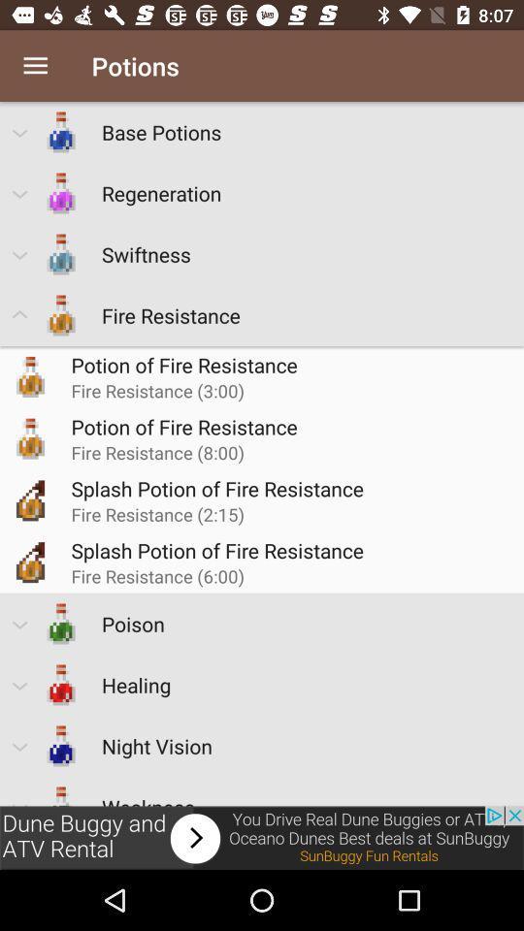 The width and height of the screenshot is (524, 931). What do you see at coordinates (262, 837) in the screenshot?
I see `advertisement to open sunbuggy fun rentals website` at bounding box center [262, 837].